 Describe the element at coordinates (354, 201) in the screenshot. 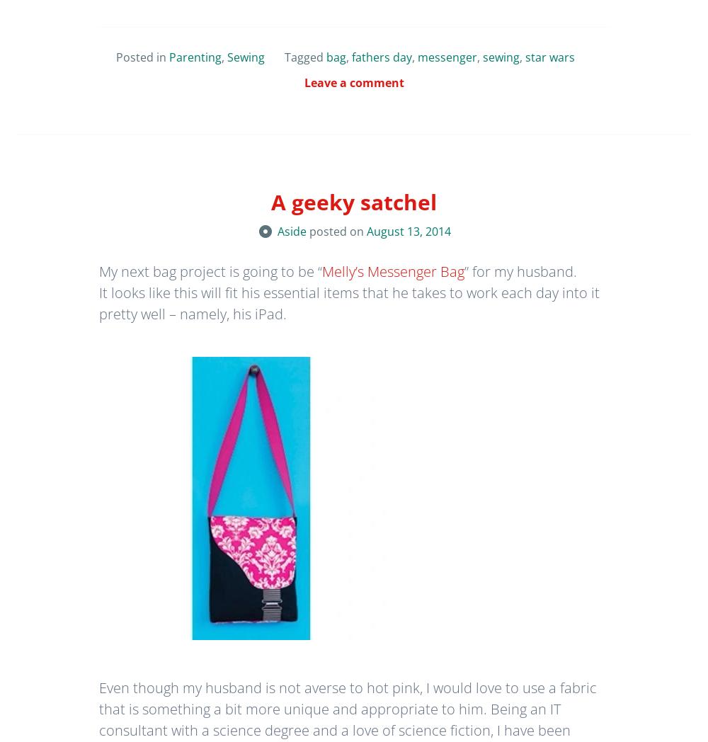

I see `'A geeky satchel'` at that location.